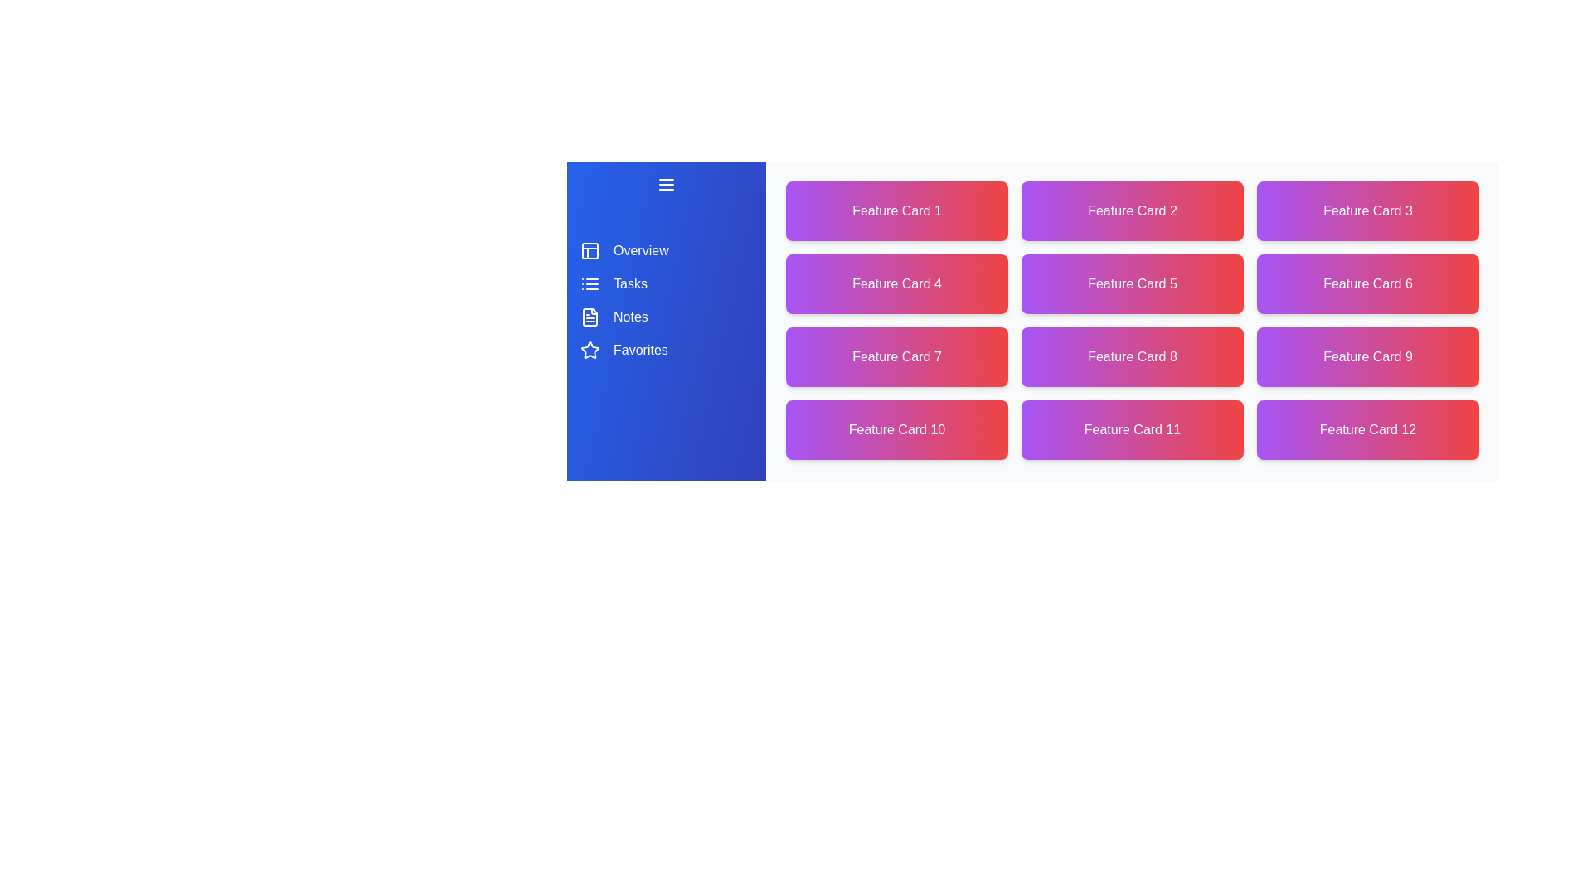  What do you see at coordinates (667, 350) in the screenshot?
I see `the navigation item corresponding to Favorites` at bounding box center [667, 350].